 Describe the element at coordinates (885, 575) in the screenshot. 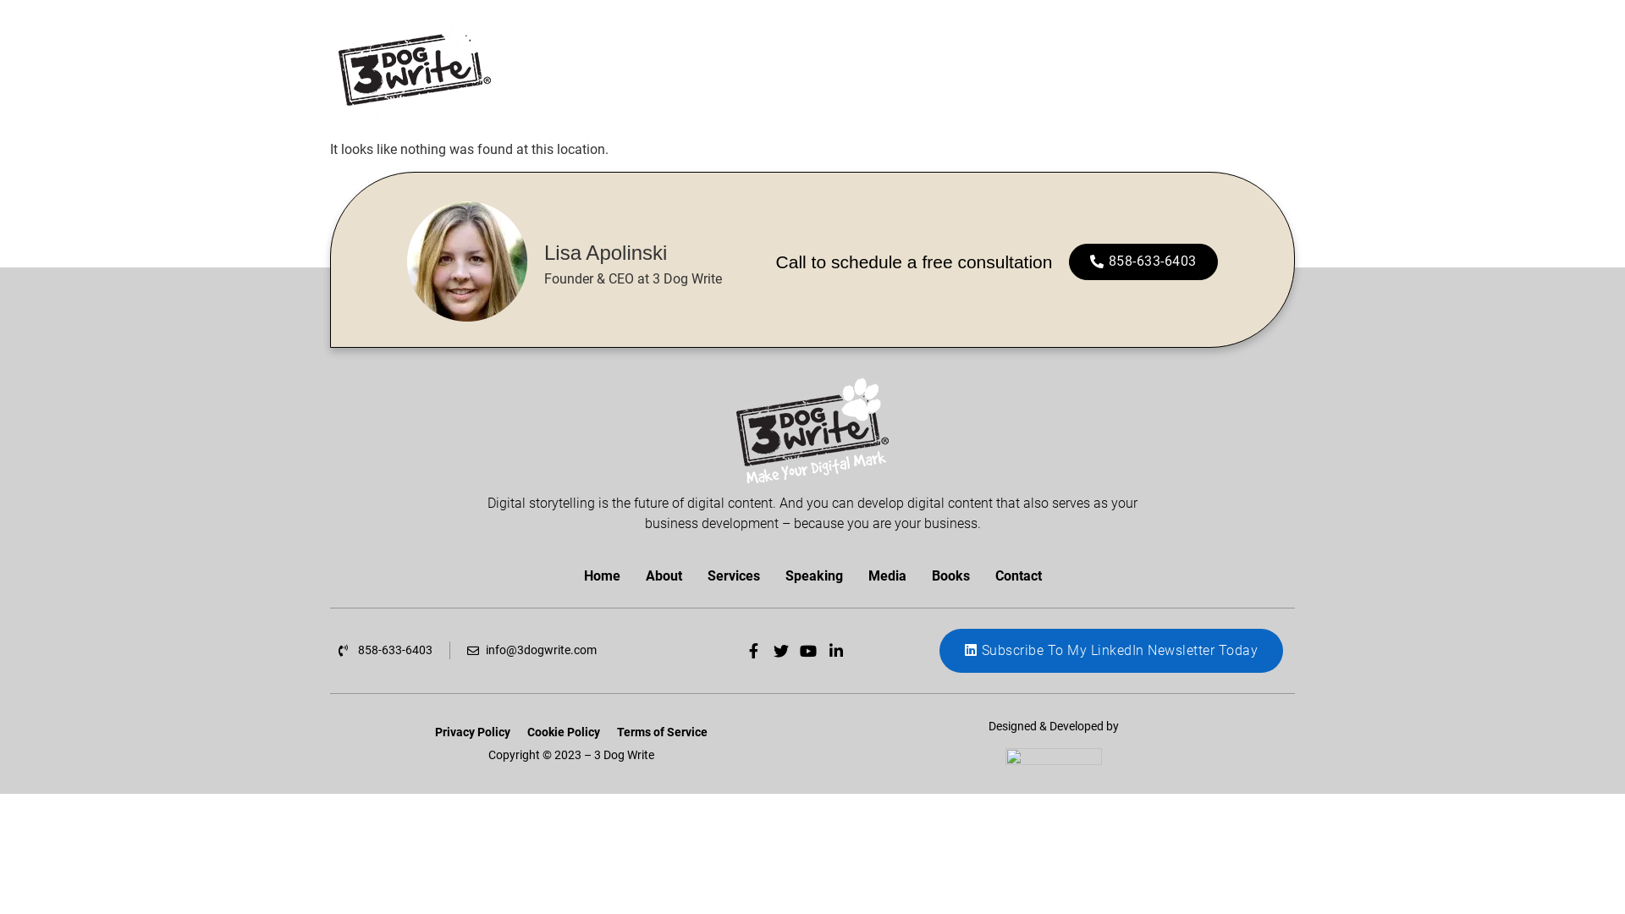

I see `'Media'` at that location.